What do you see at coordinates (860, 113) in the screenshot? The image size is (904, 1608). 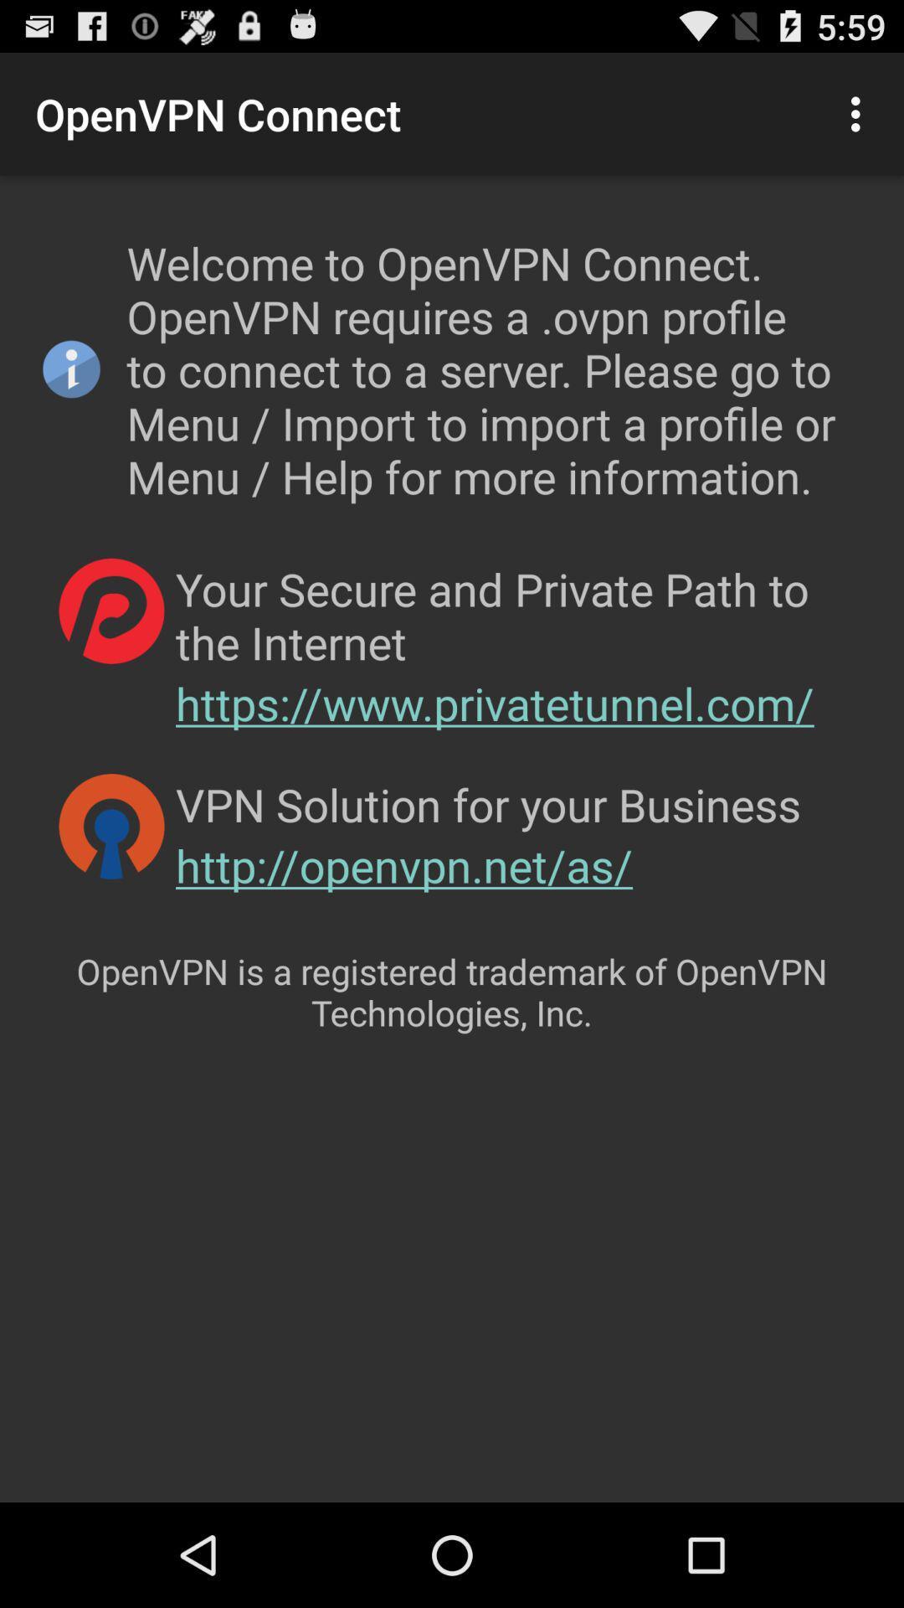 I see `item to the right of the openvpn connect` at bounding box center [860, 113].